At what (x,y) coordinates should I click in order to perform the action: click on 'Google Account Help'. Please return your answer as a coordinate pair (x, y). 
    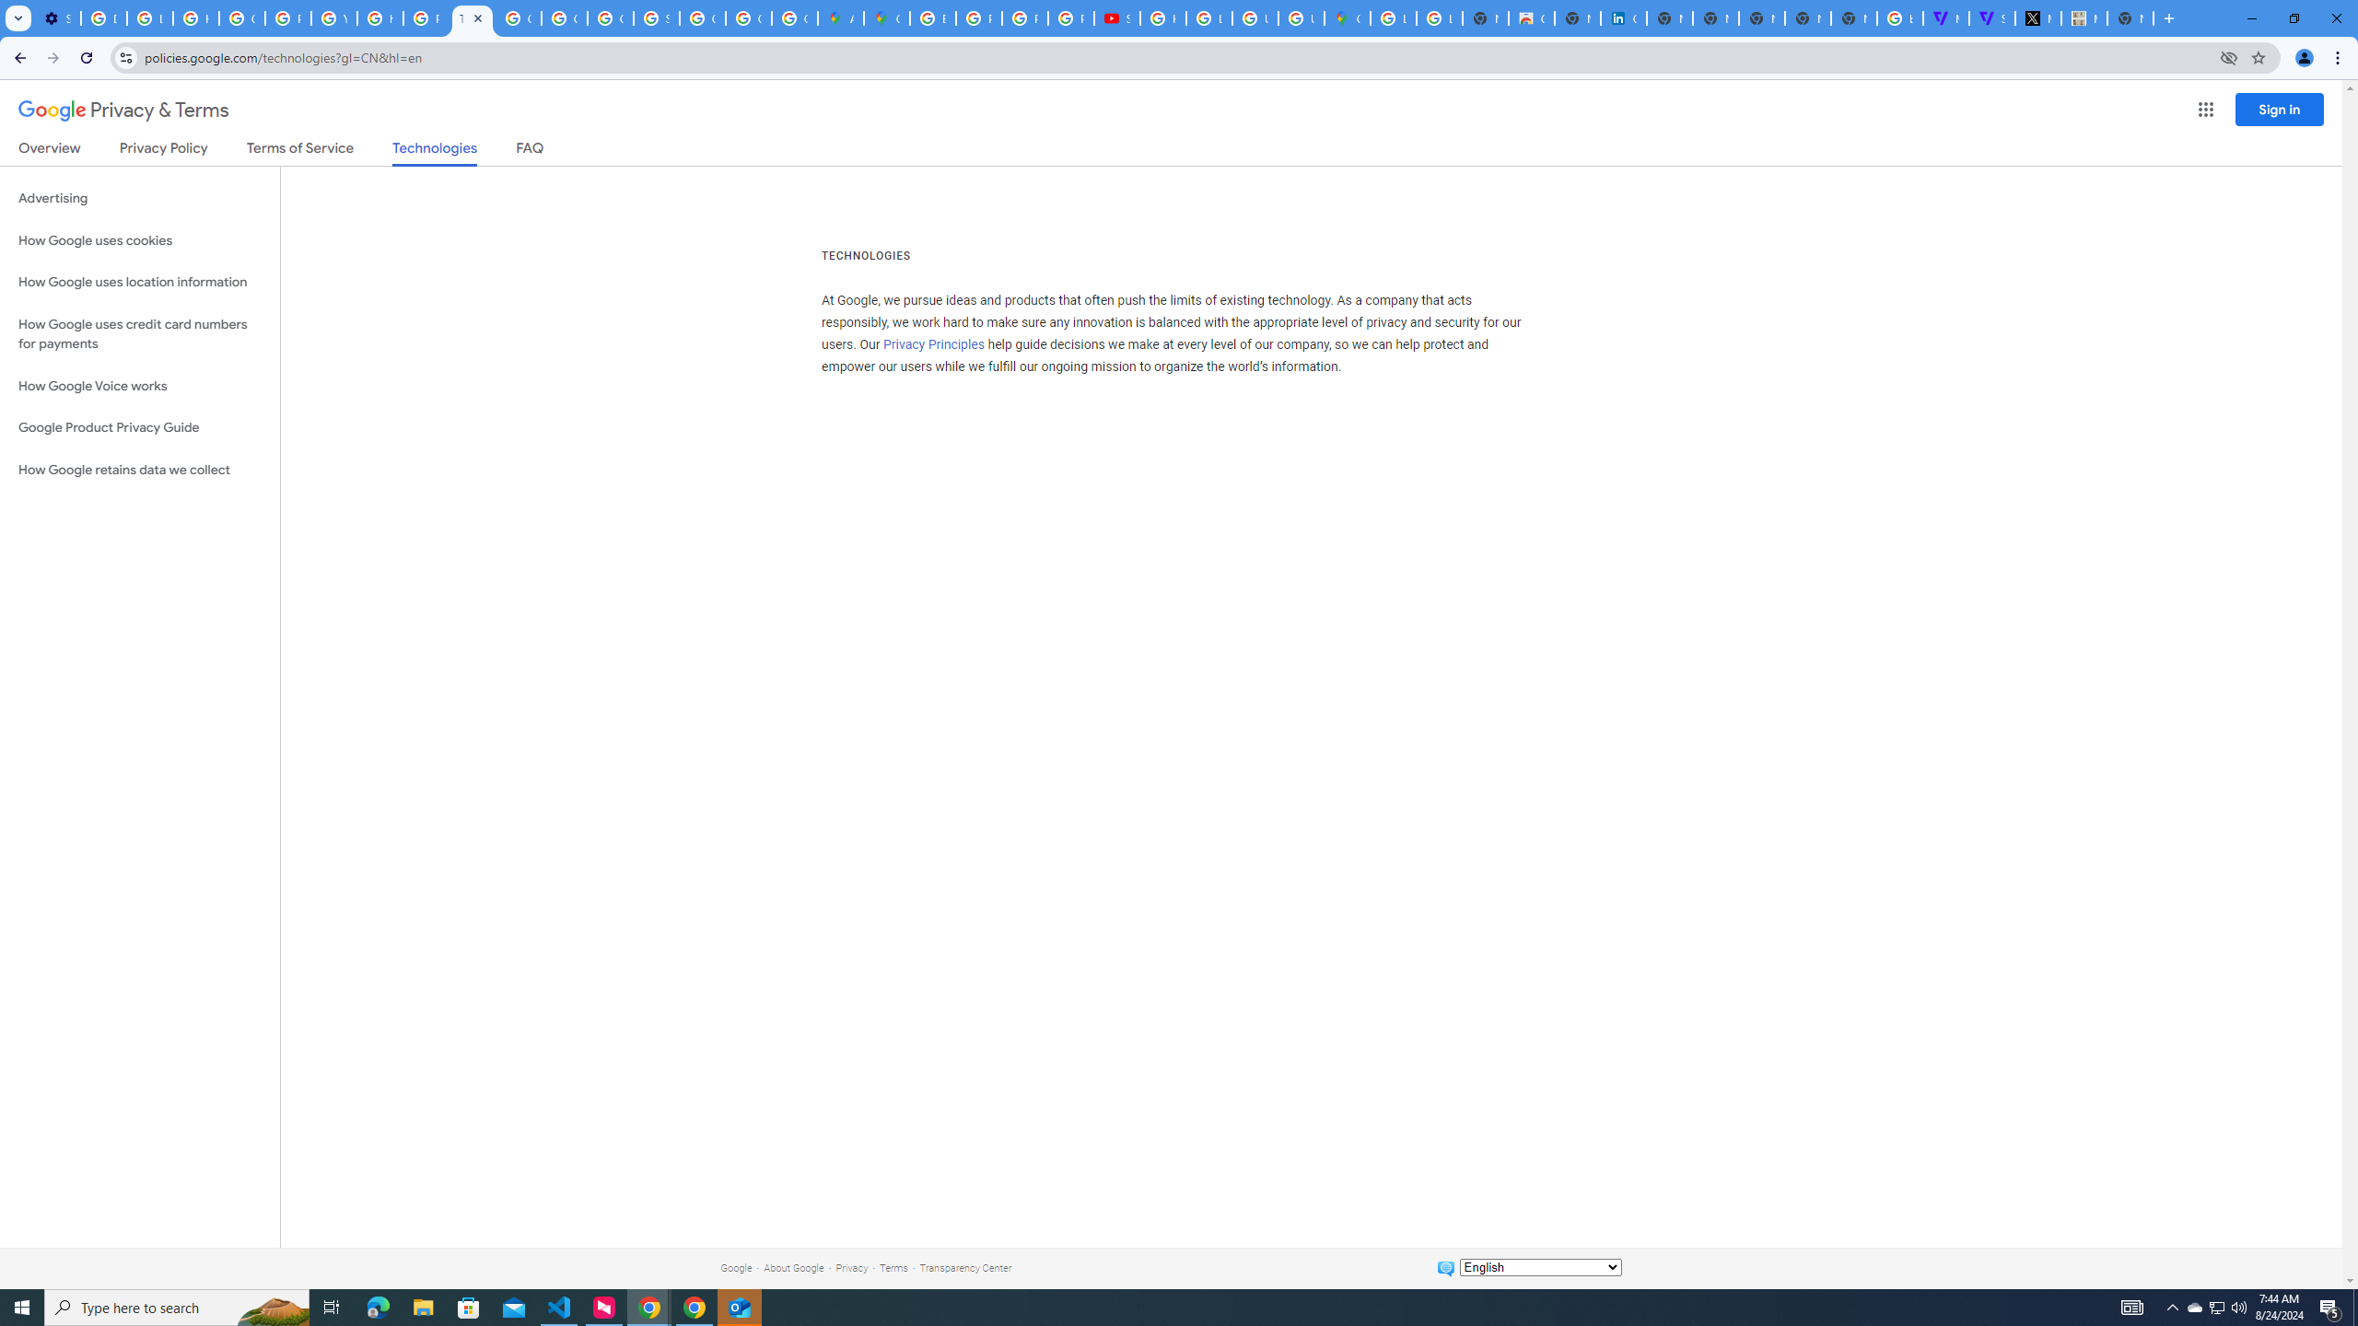
    Looking at the image, I should click on (240, 17).